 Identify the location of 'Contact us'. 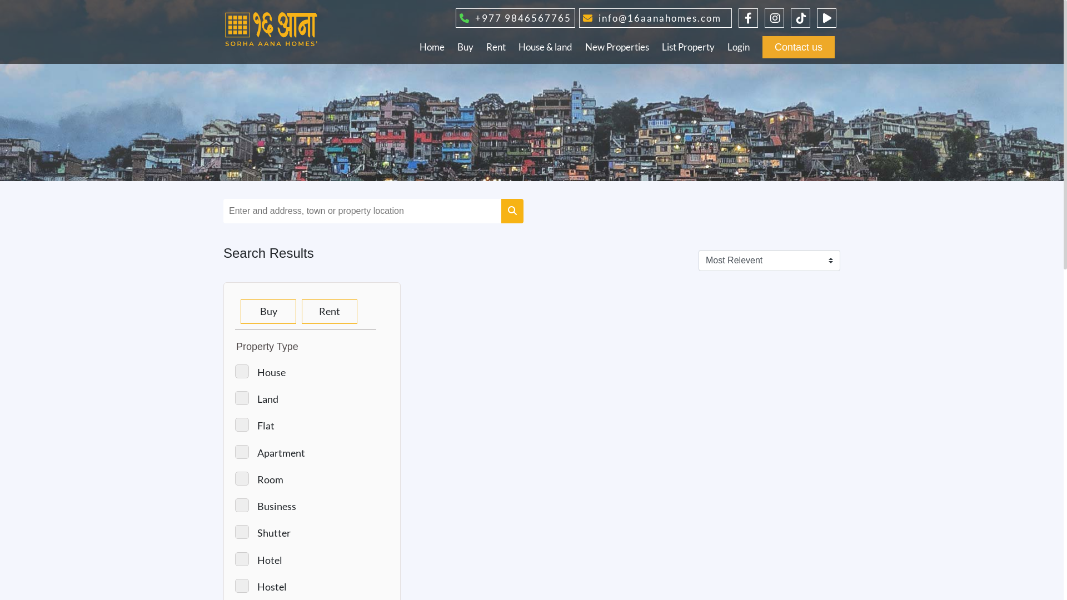
(762, 46).